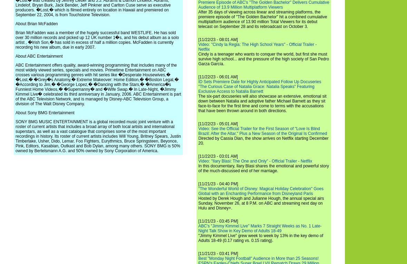 The image size is (407, 264). I want to click on 'About Brian McFadden', so click(36, 24).